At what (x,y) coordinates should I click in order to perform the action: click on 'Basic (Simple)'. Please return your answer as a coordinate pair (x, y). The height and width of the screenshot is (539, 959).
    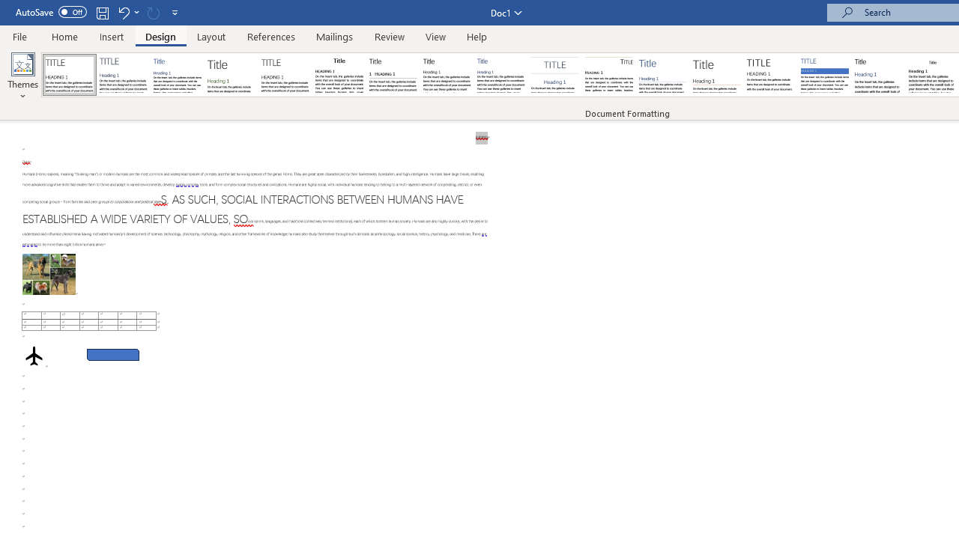
    Looking at the image, I should click on (177, 75).